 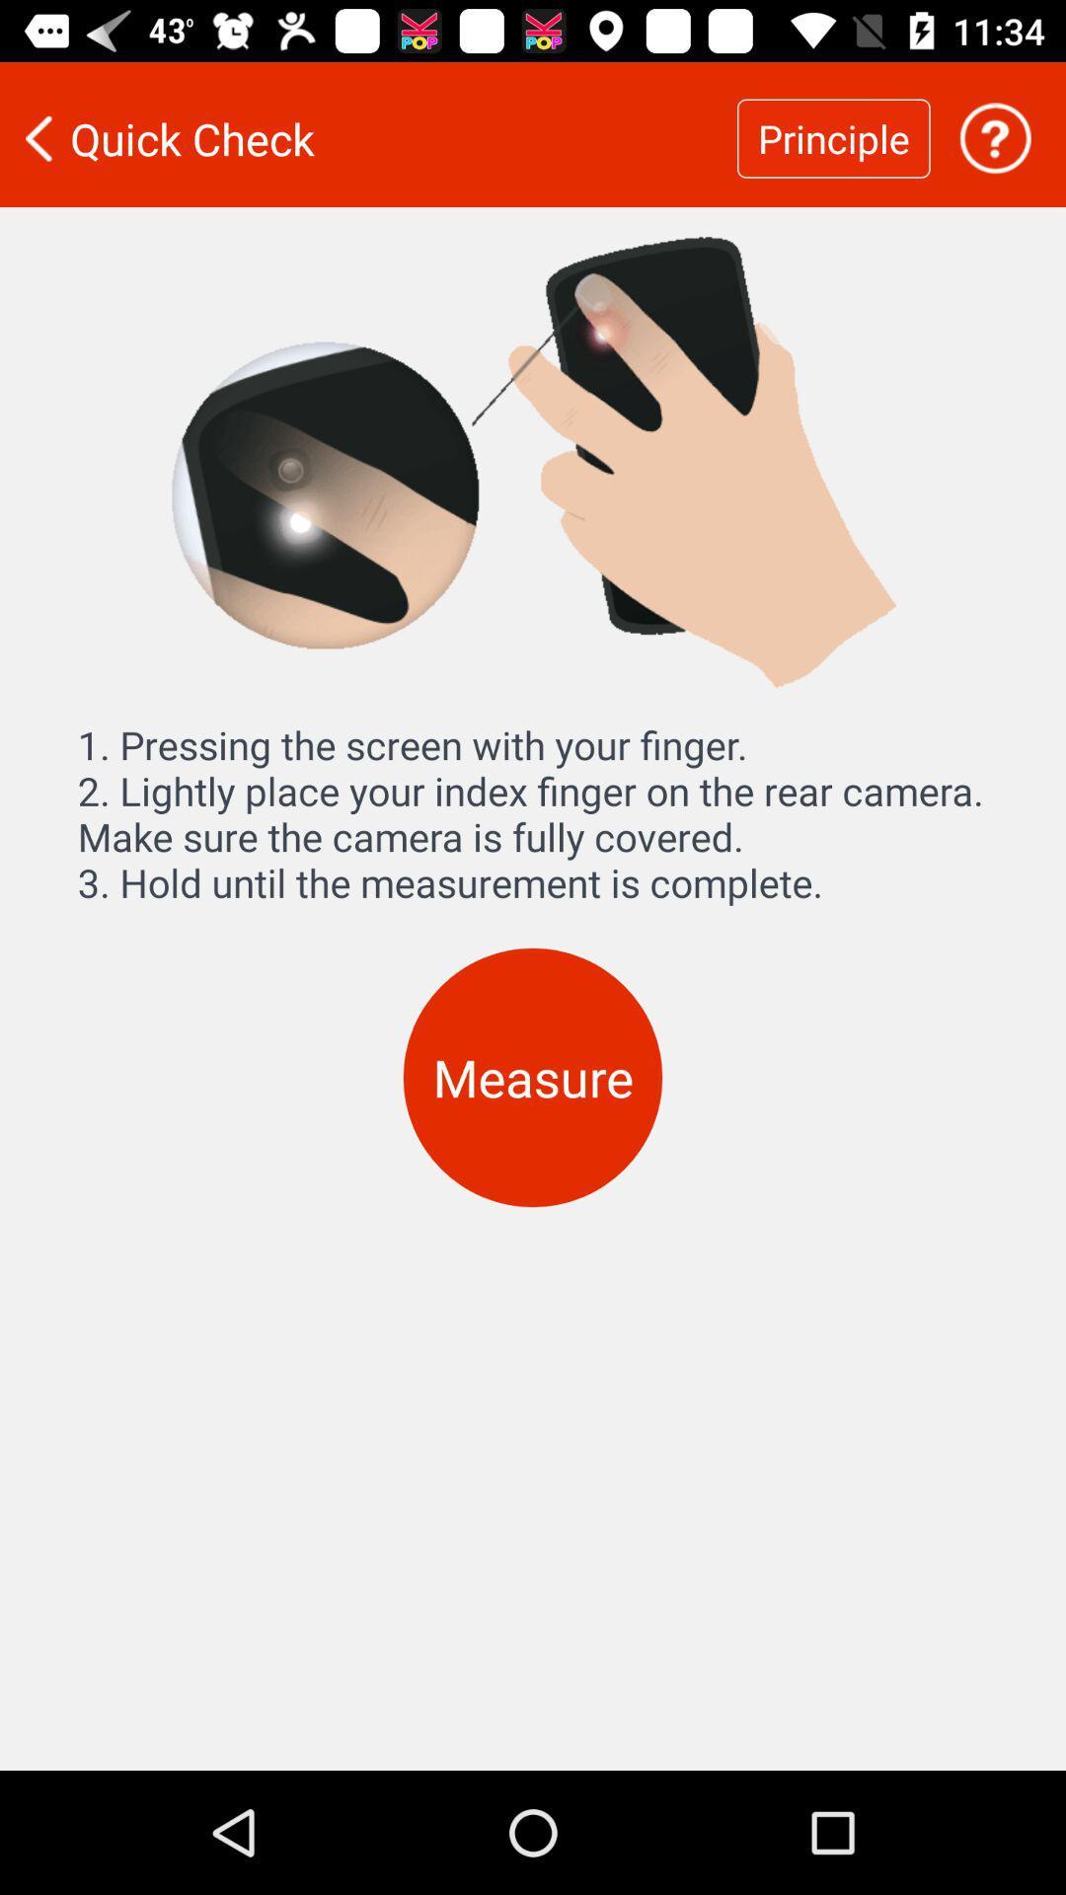 I want to click on the item next to the quick check item, so click(x=833, y=137).